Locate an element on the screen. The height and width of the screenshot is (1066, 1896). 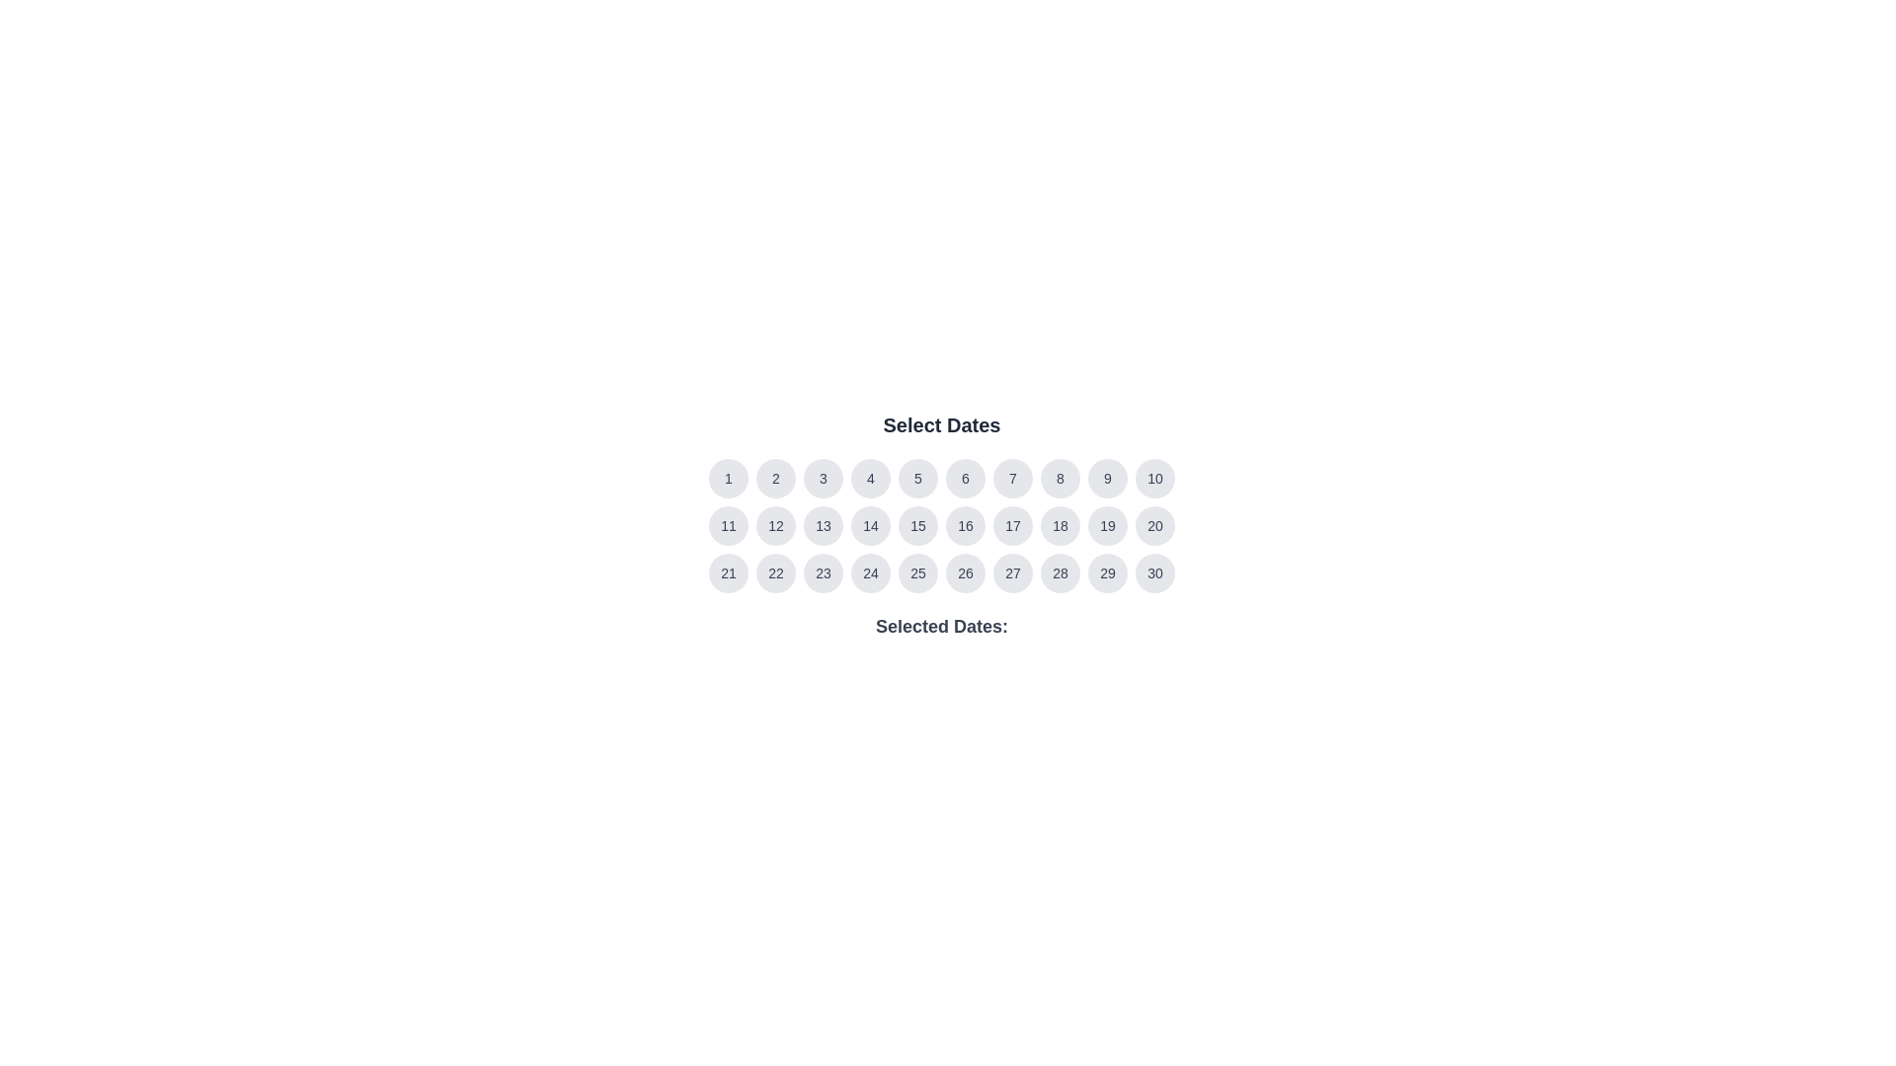
the selectable date option button representing the 19th day in the grid layout, which is the 9th button in the second row is located at coordinates (1108, 524).